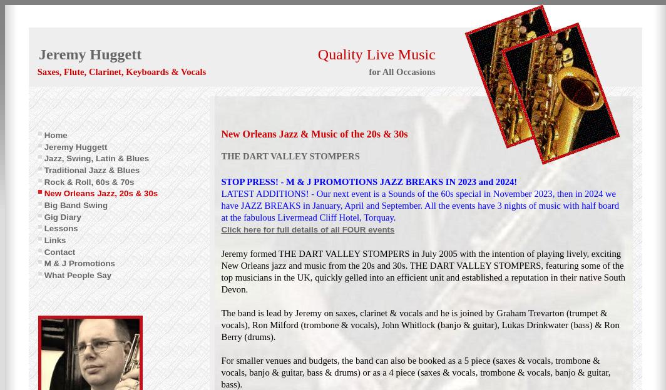 The height and width of the screenshot is (390, 666). What do you see at coordinates (61, 216) in the screenshot?
I see `'Gig Diary'` at bounding box center [61, 216].